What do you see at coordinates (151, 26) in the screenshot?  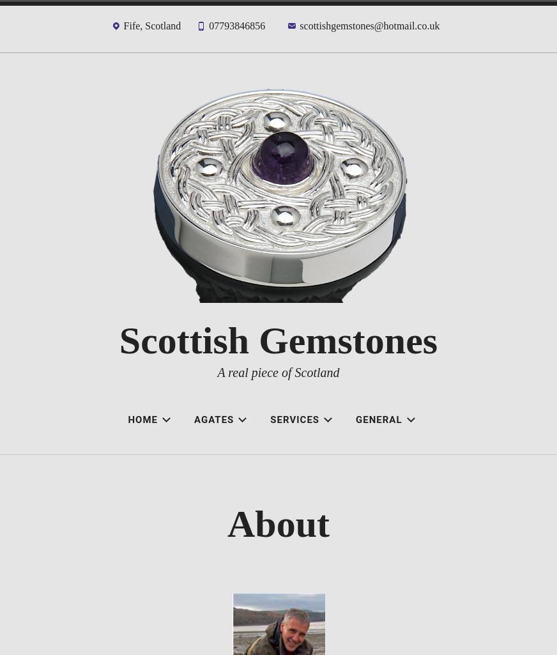 I see `'Fife, Scotland'` at bounding box center [151, 26].